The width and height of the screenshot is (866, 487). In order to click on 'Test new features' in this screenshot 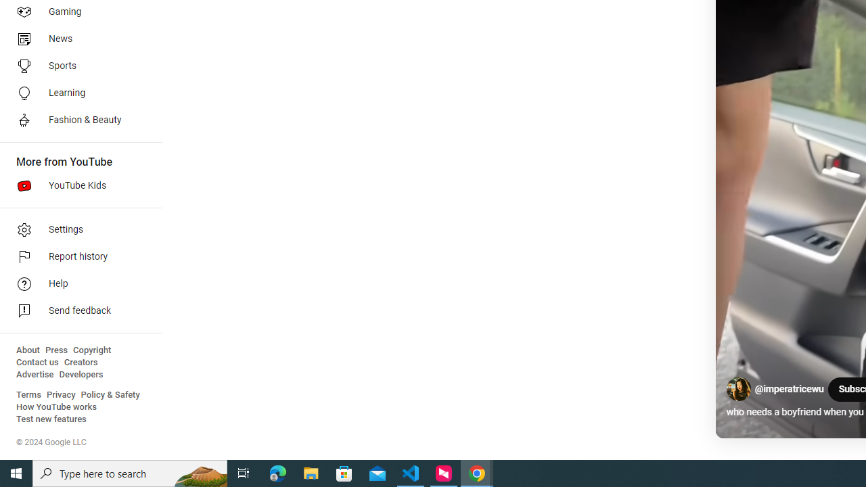, I will do `click(51, 419)`.